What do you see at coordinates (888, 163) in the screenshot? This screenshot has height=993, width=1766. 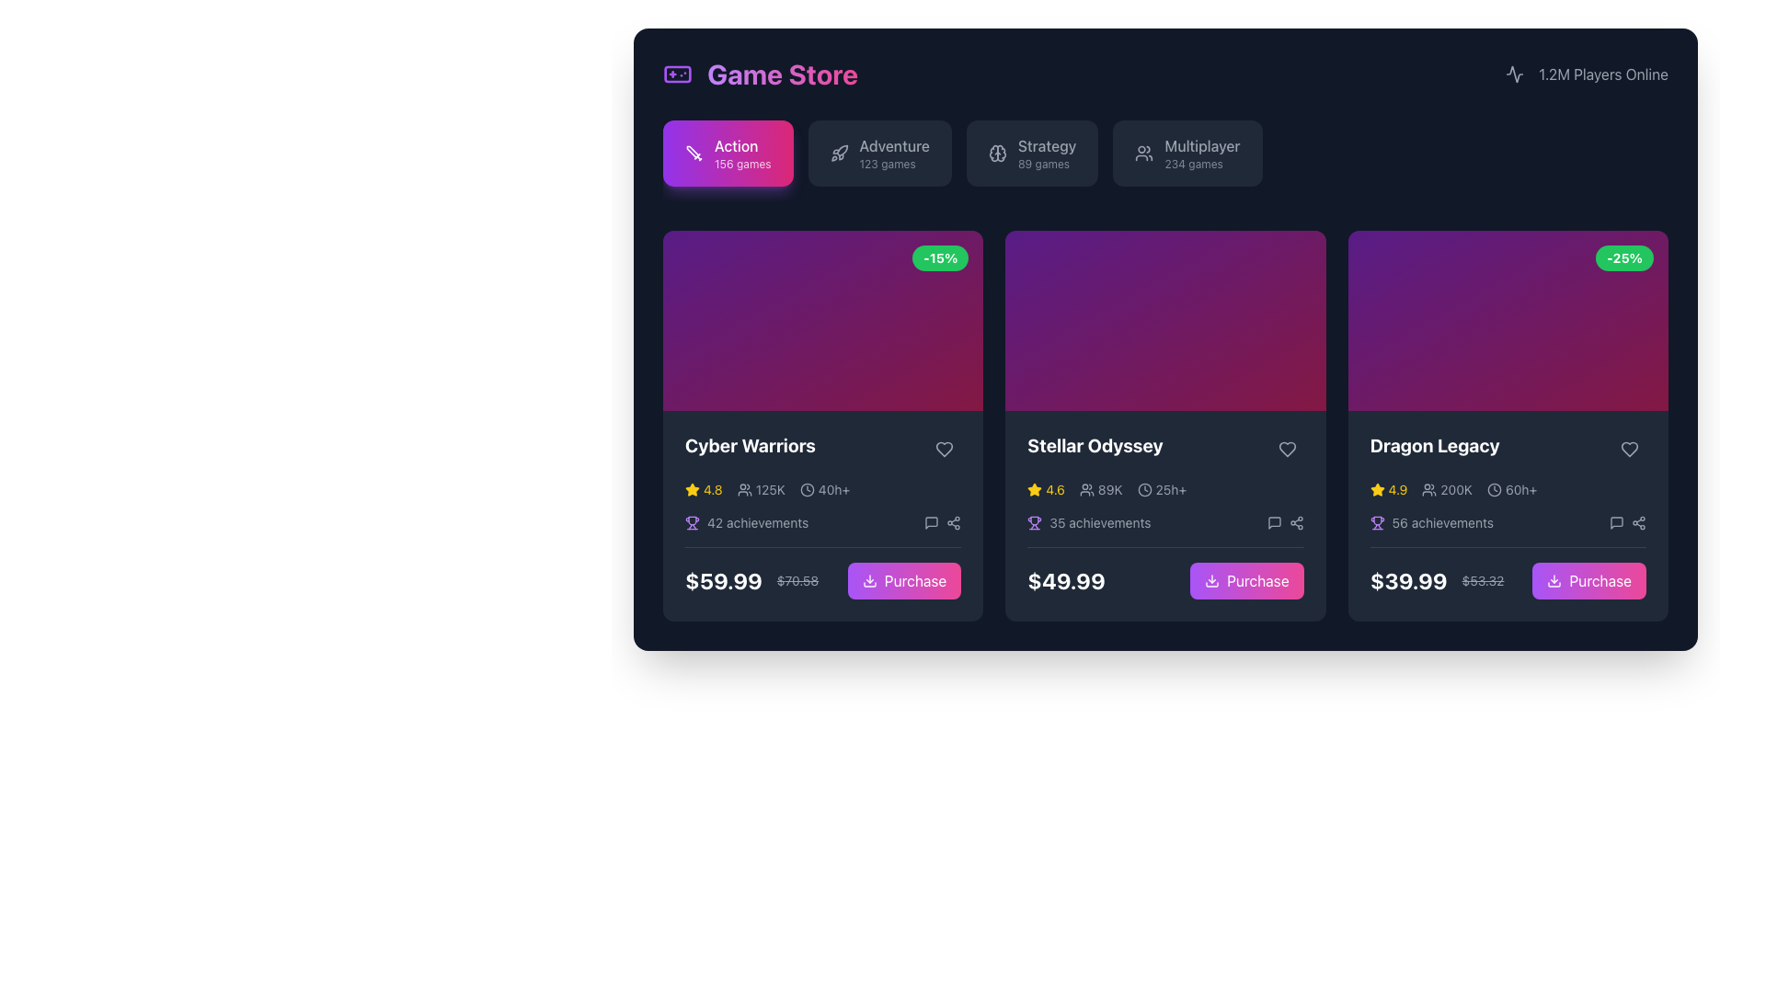 I see `displayed text '123 games' from the text block located below the 'Adventure' label in the upper-right quadrant of the interface` at bounding box center [888, 163].